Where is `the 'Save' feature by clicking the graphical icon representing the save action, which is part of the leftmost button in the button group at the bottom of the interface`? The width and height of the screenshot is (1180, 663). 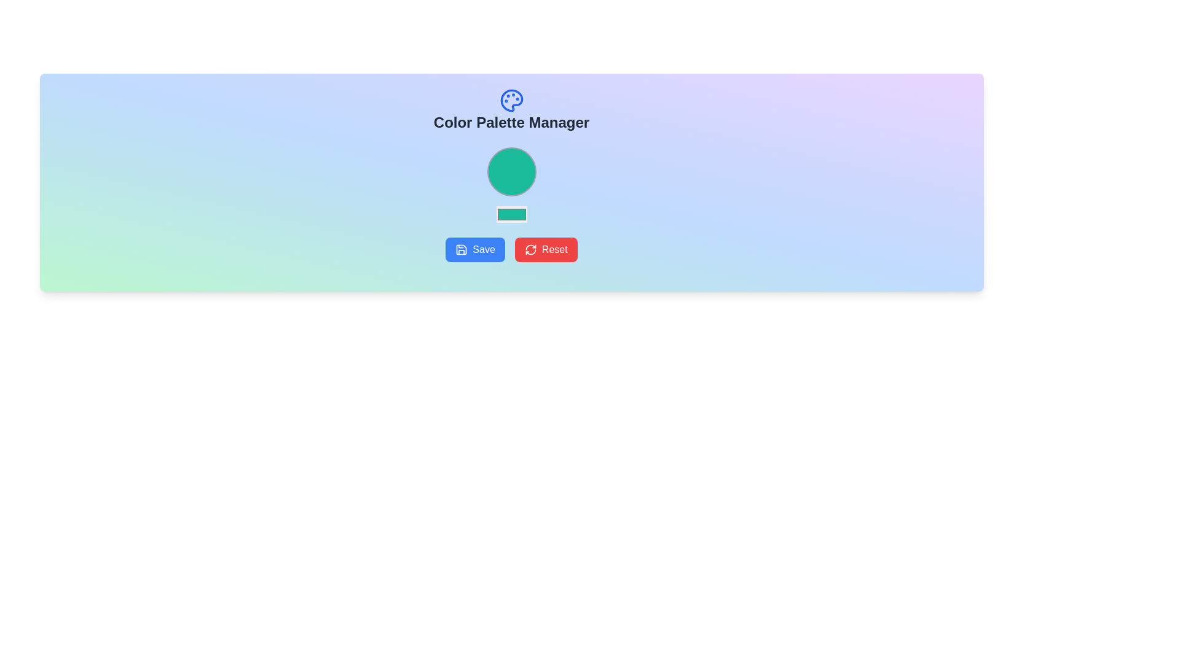
the 'Save' feature by clicking the graphical icon representing the save action, which is part of the leftmost button in the button group at the bottom of the interface is located at coordinates (461, 249).